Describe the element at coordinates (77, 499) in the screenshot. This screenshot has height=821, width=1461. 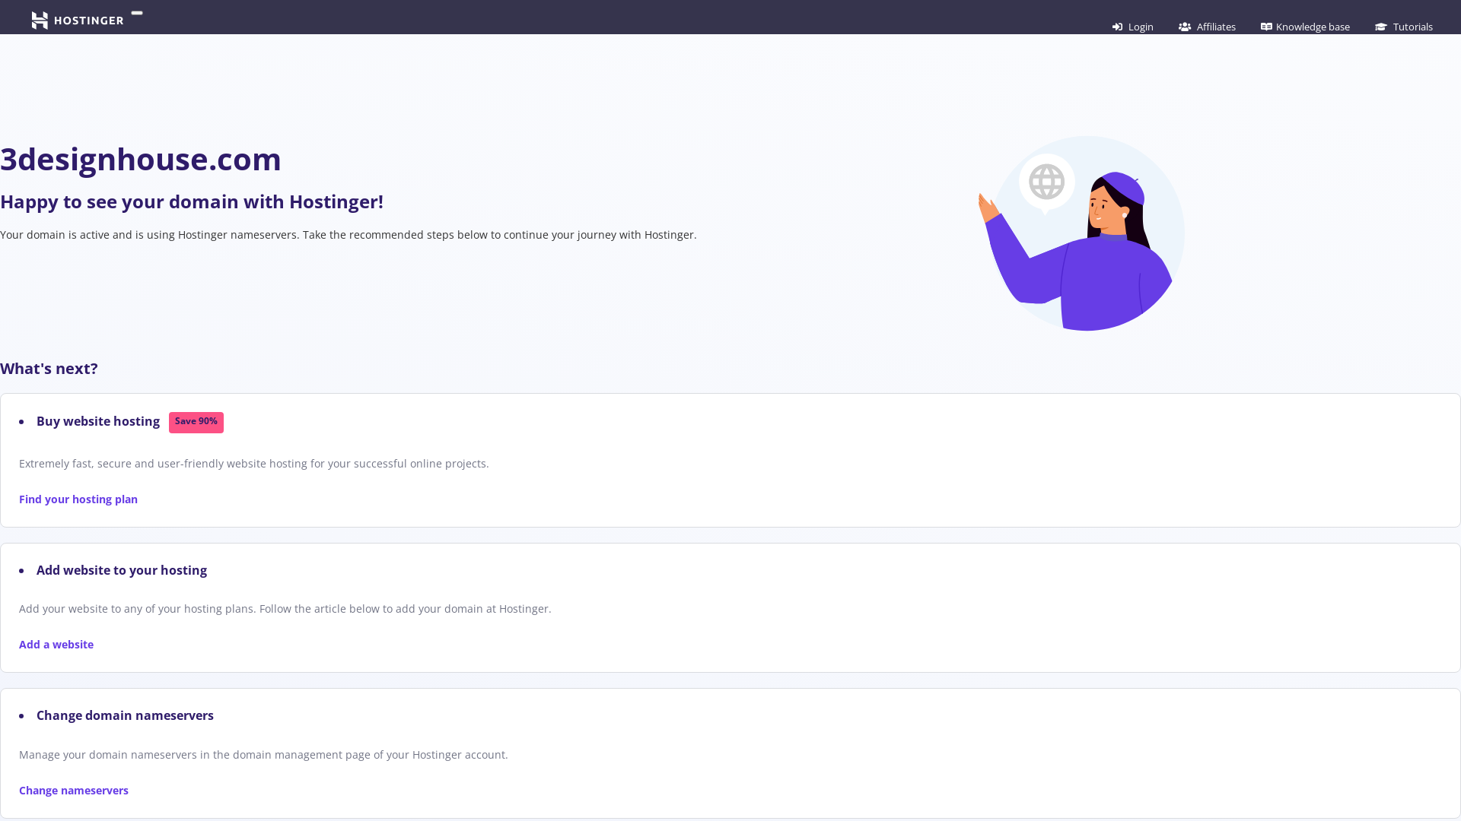
I see `'Find your hosting plan'` at that location.